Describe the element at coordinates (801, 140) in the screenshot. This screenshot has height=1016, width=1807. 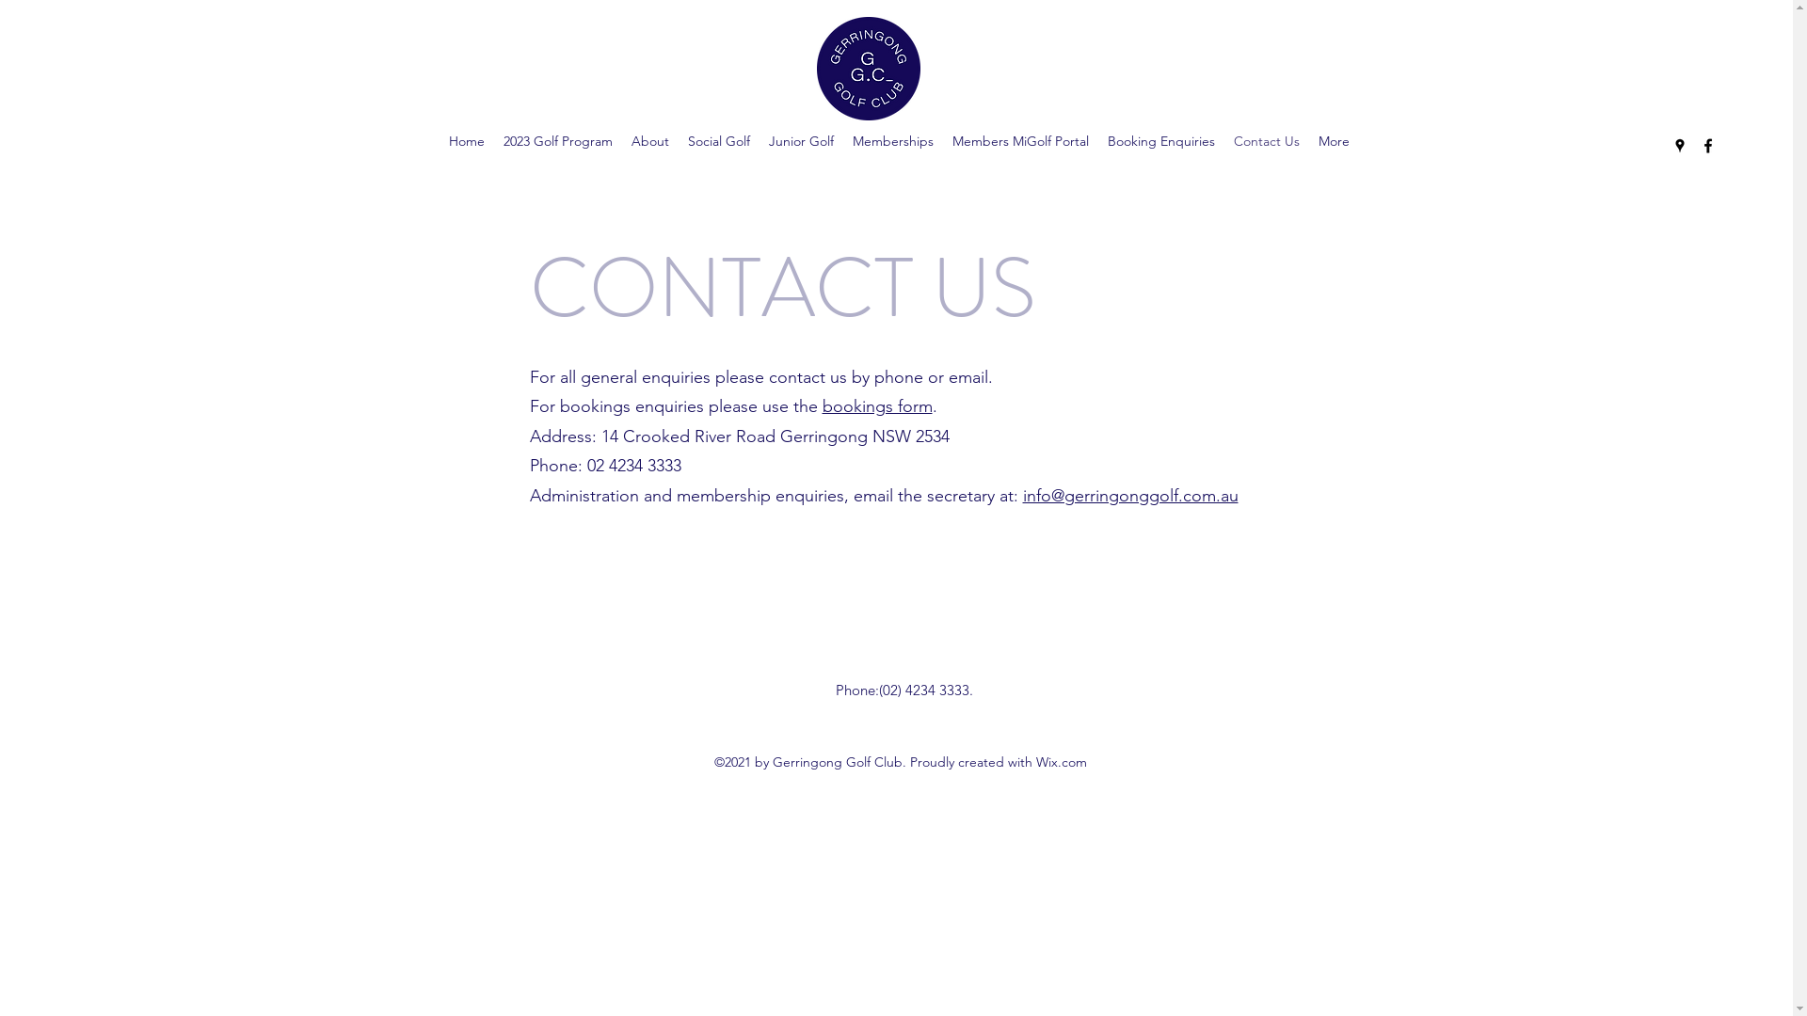
I see `'Junior Golf'` at that location.